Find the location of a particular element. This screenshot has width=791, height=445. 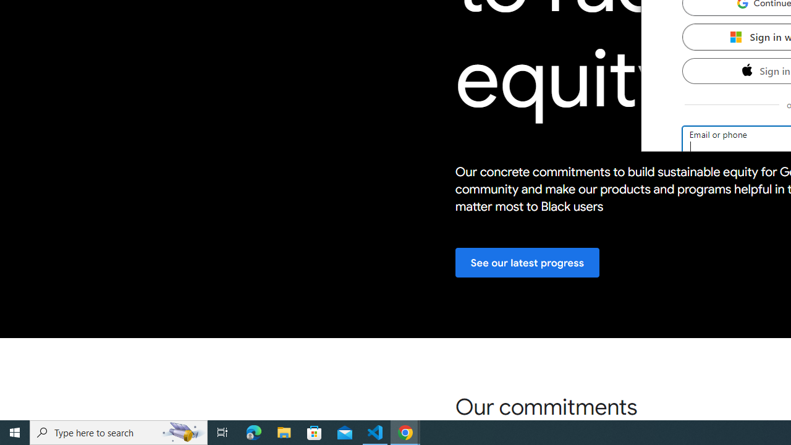

'Start' is located at coordinates (15, 431).